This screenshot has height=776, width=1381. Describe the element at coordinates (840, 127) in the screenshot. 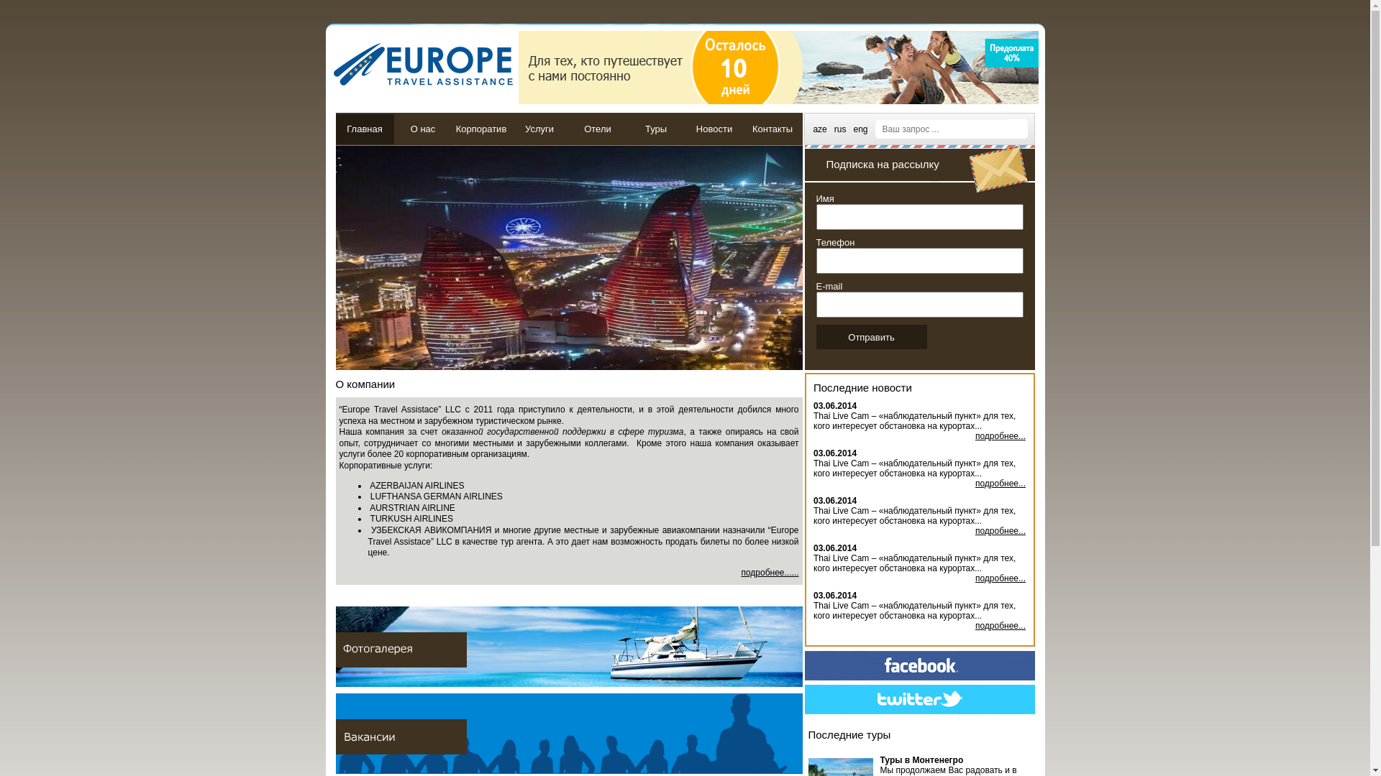

I see `'rus'` at that location.